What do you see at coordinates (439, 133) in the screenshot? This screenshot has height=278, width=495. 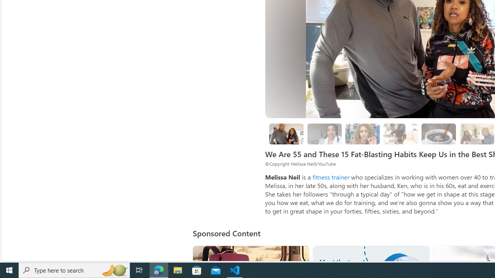 I see `'8 Be Mindful of Coffee'` at bounding box center [439, 133].